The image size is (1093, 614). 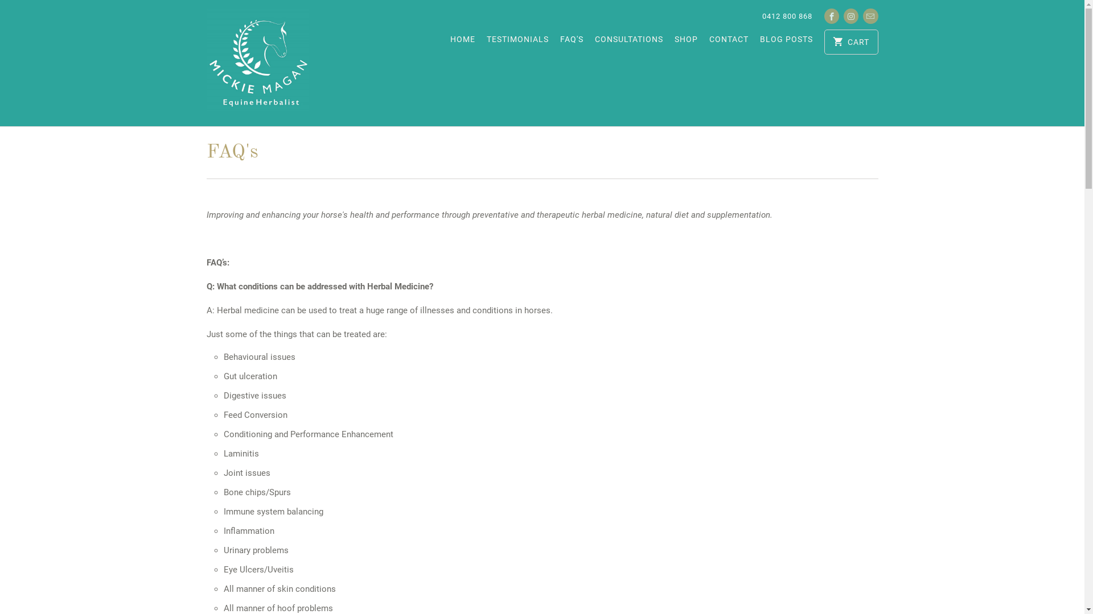 What do you see at coordinates (462, 41) in the screenshot?
I see `'HOME'` at bounding box center [462, 41].